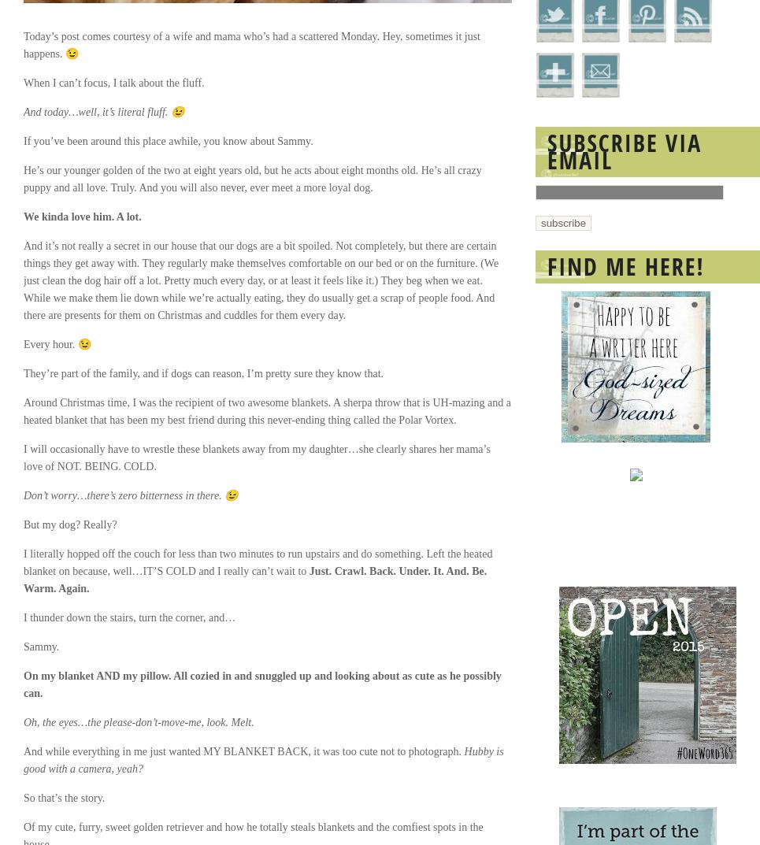 The width and height of the screenshot is (760, 845). I want to click on 'Around Christmas time, I was the recipient of two awesome blankets. A sherpa throw that is UH-mazing and a heated blanket that has been my best friend during this never-ending thing called the Polar Vortex.', so click(267, 410).